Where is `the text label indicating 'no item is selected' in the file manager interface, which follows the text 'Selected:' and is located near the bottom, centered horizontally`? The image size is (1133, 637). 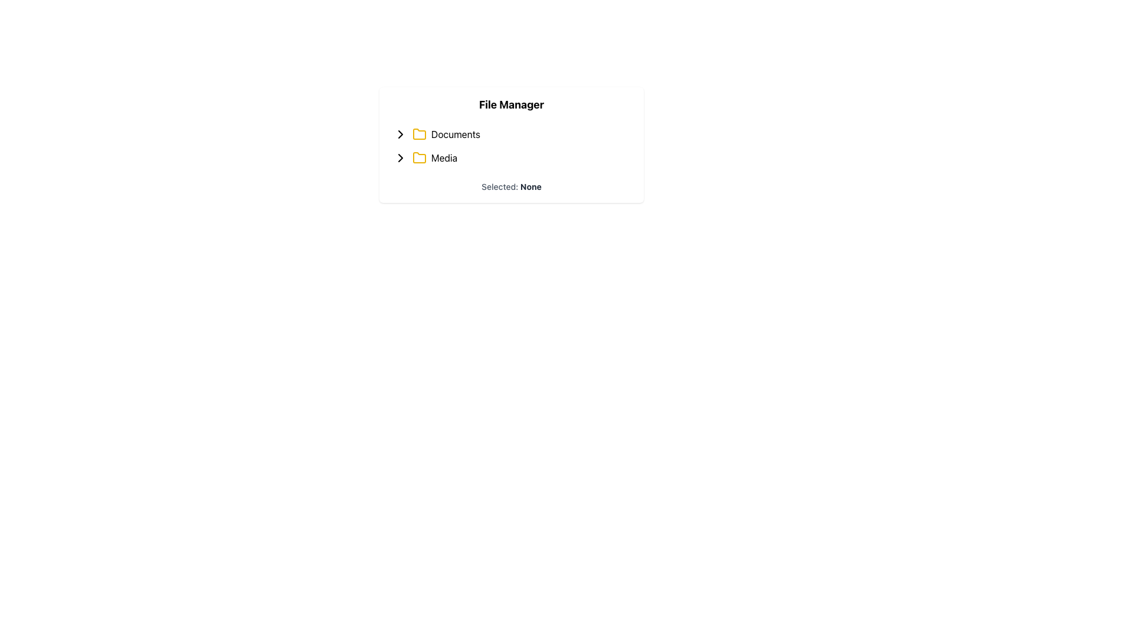 the text label indicating 'no item is selected' in the file manager interface, which follows the text 'Selected:' and is located near the bottom, centered horizontally is located at coordinates (529, 186).